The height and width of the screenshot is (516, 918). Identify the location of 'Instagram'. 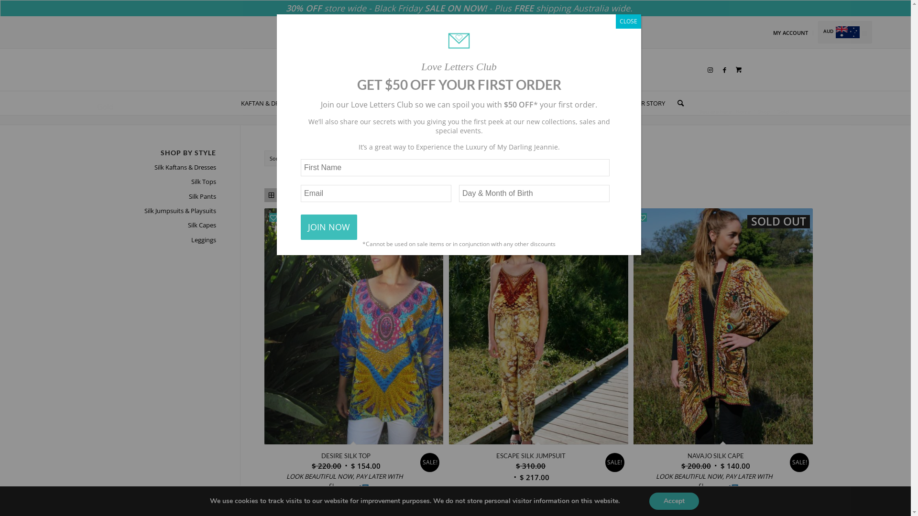
(710, 69).